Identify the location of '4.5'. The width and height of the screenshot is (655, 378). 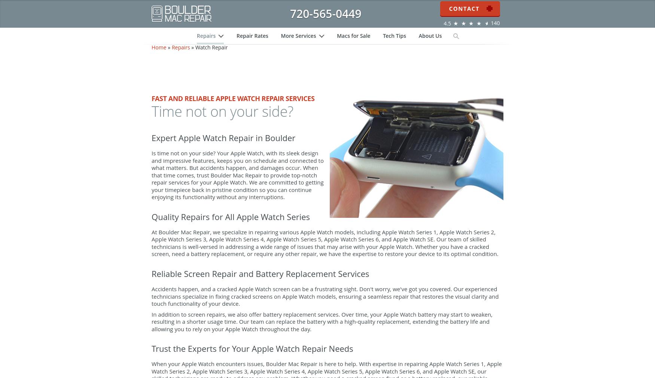
(443, 27).